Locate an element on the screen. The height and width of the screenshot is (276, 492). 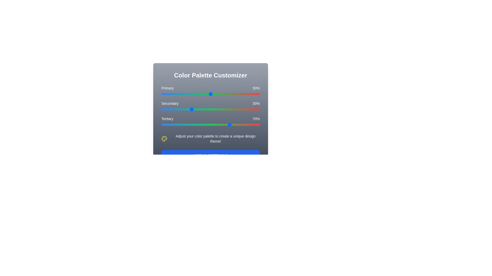
the color palette graphic icon located to the left of the descriptive text 'Adjust your color palette to create a unique design theme!' is located at coordinates (164, 139).